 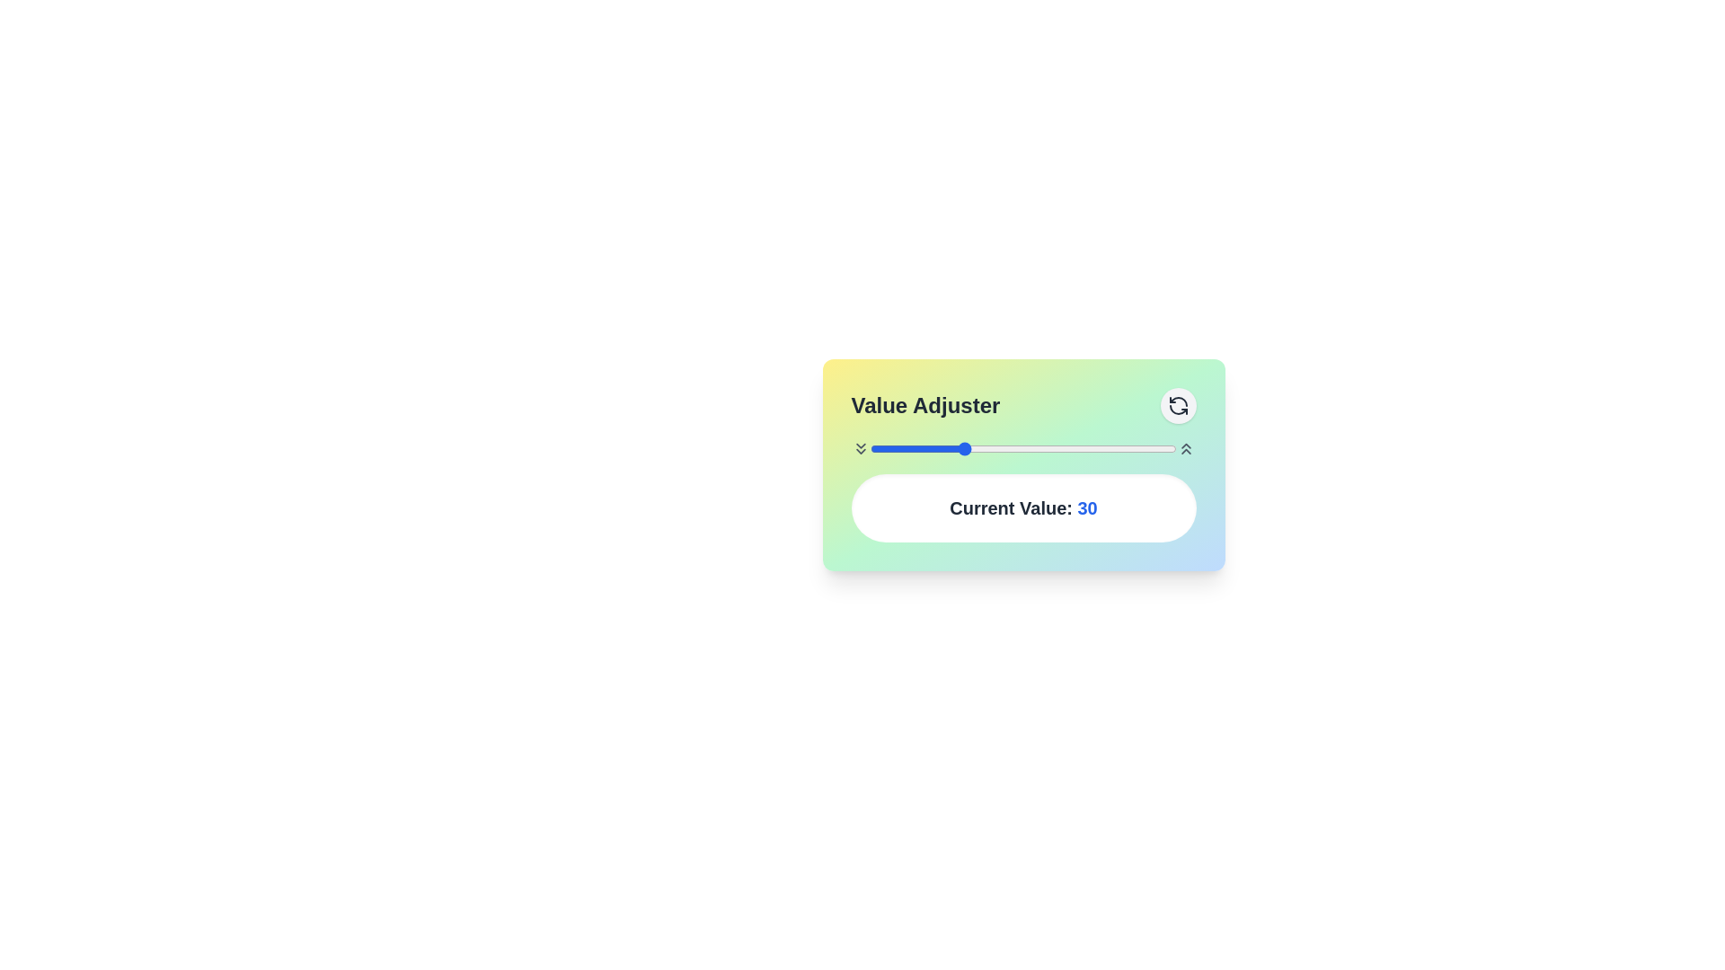 I want to click on the slider to set the value to 9, so click(x=898, y=448).